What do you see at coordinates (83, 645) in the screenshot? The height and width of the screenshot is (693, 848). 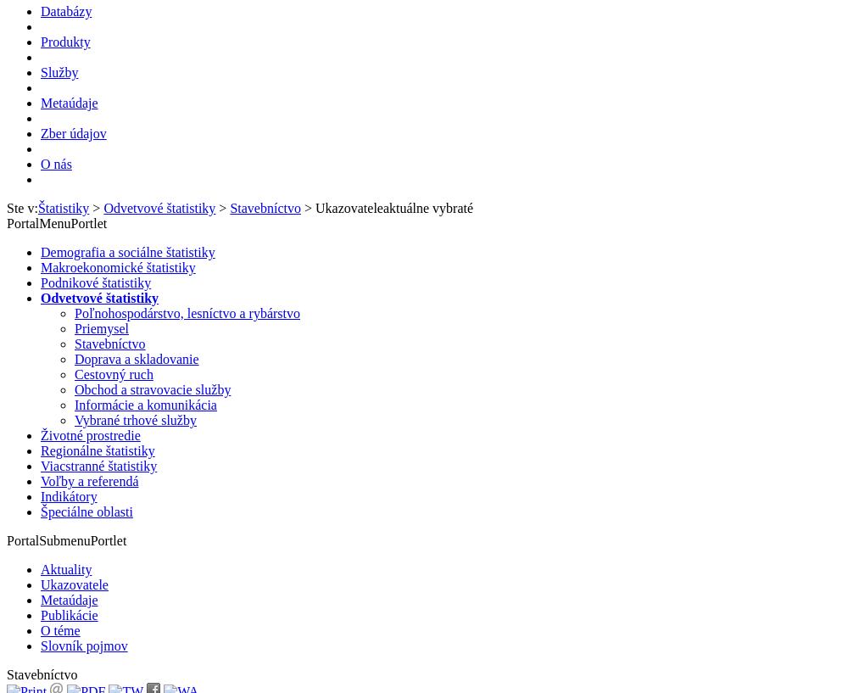 I see `'Slovník pojmov'` at bounding box center [83, 645].